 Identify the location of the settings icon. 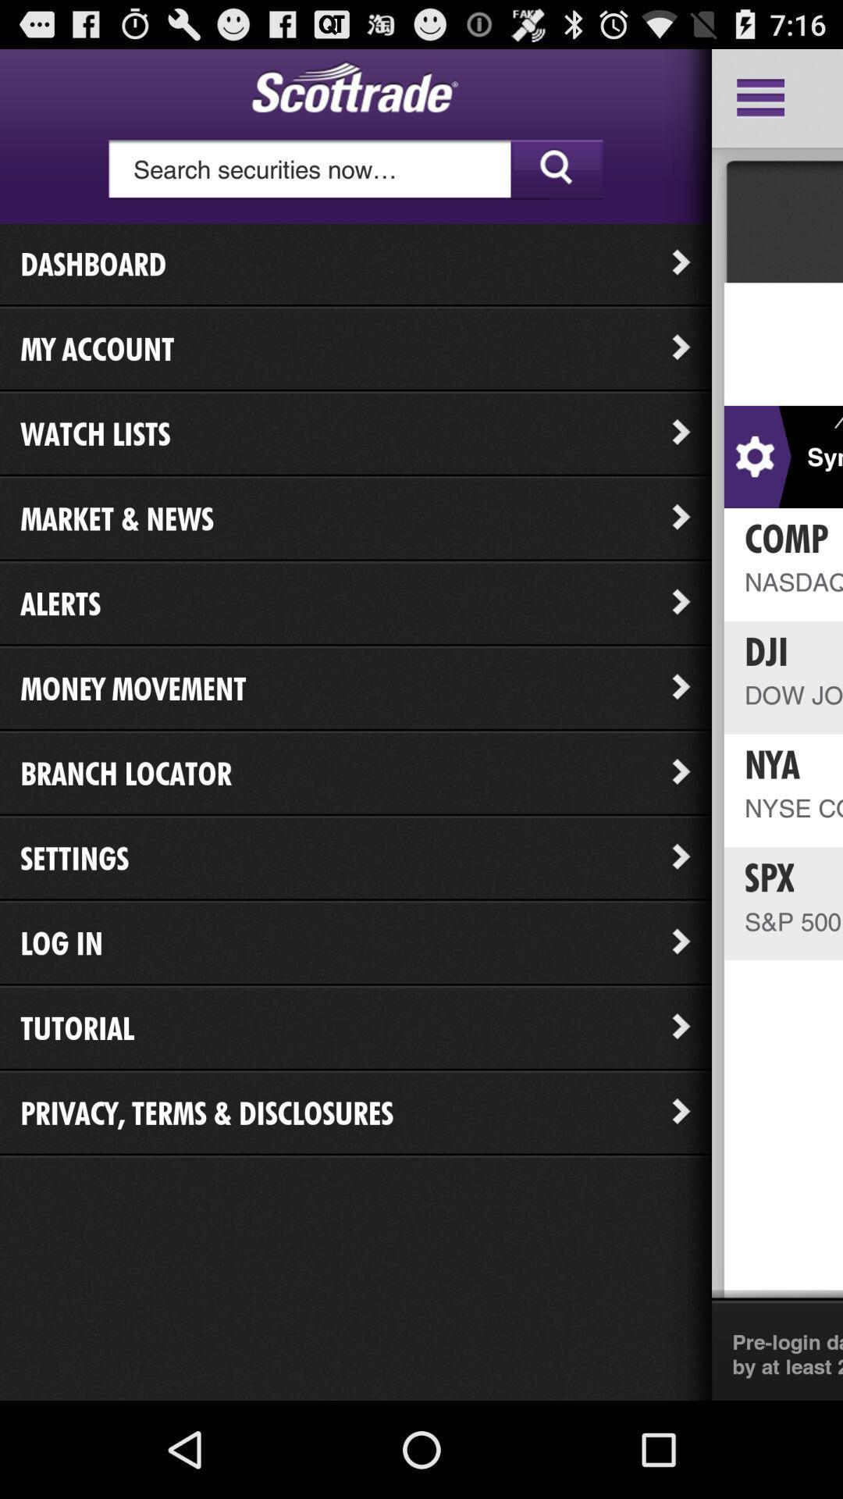
(754, 488).